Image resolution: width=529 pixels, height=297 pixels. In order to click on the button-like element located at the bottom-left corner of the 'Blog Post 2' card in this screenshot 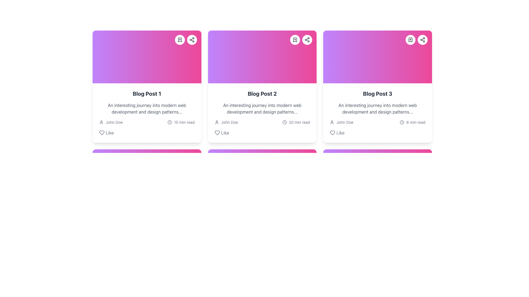, I will do `click(222, 133)`.